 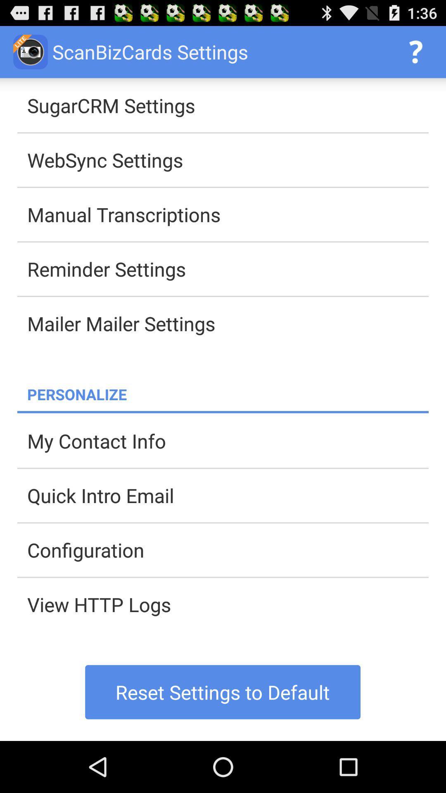 What do you see at coordinates (228, 604) in the screenshot?
I see `icon above the reset settings to item` at bounding box center [228, 604].